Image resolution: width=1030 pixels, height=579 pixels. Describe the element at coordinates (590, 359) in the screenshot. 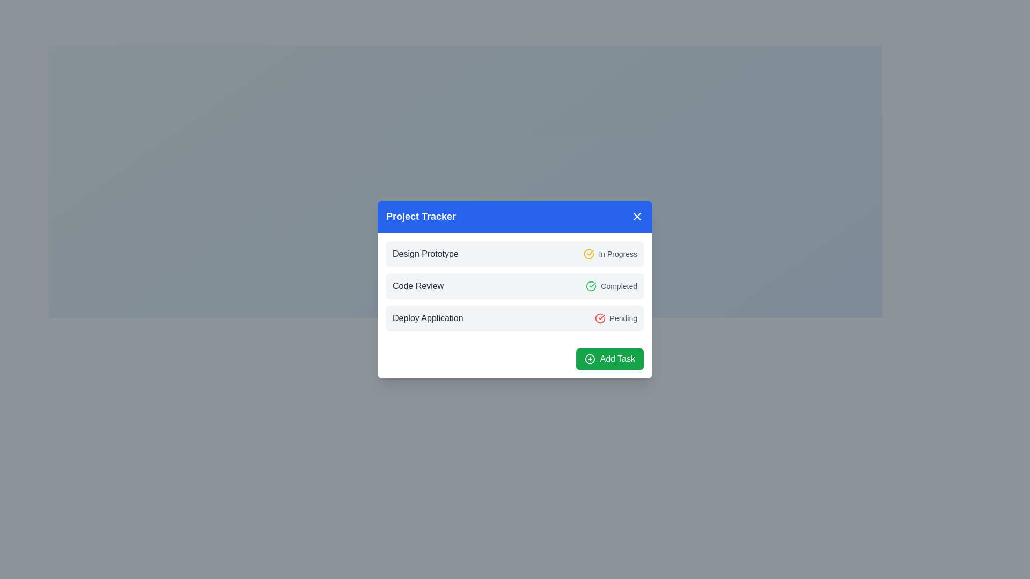

I see `the purpose of the addition icon located to the left of the text` at that location.